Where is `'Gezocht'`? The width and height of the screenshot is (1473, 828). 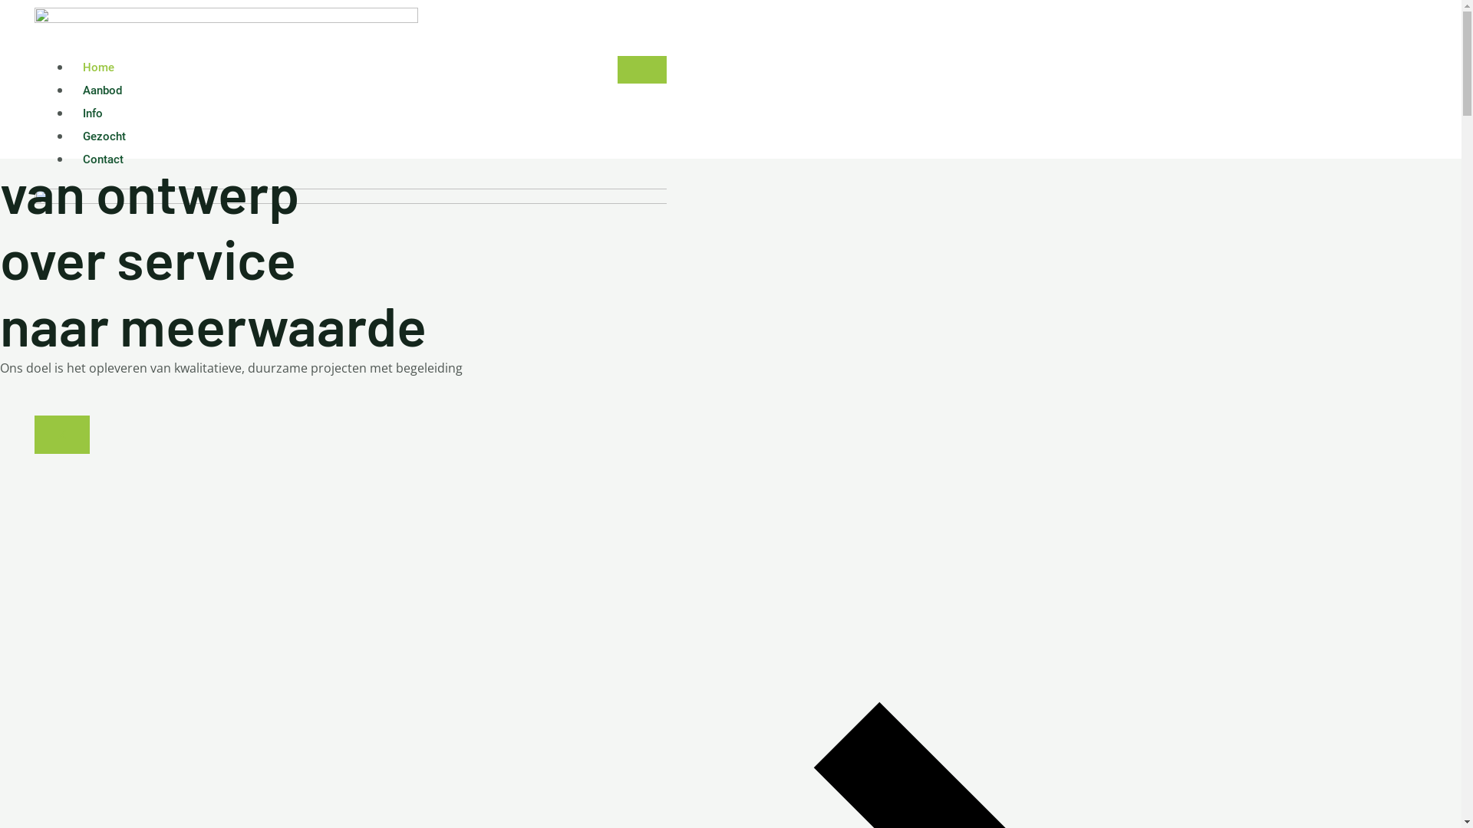 'Gezocht' is located at coordinates (103, 135).